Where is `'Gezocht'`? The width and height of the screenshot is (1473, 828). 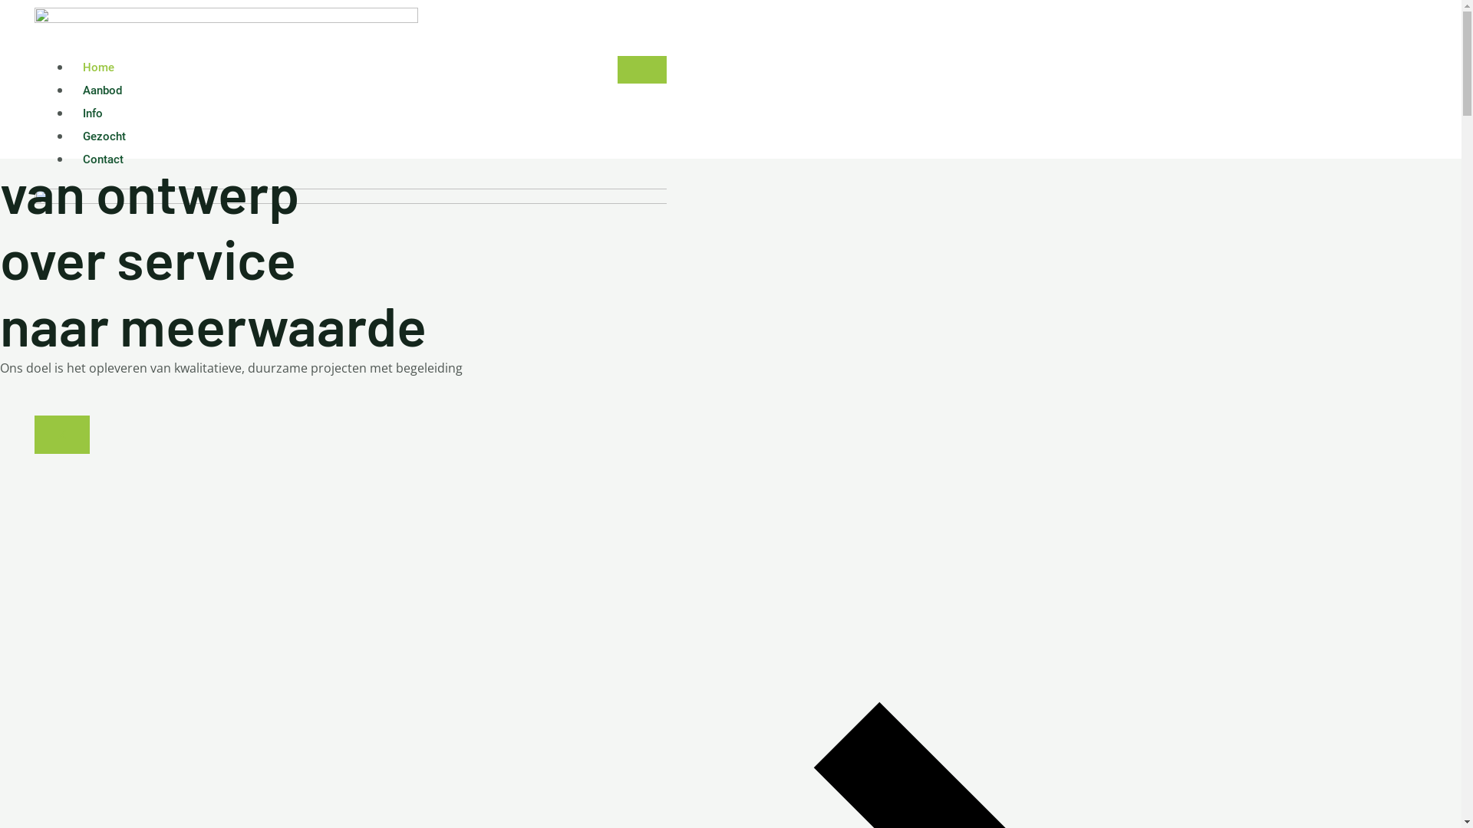 'Gezocht' is located at coordinates (103, 135).